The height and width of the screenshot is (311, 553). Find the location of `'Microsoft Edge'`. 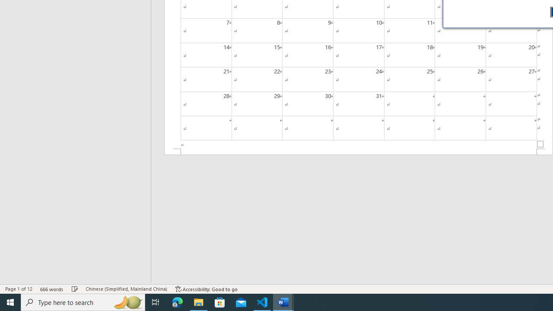

'Microsoft Edge' is located at coordinates (177, 301).